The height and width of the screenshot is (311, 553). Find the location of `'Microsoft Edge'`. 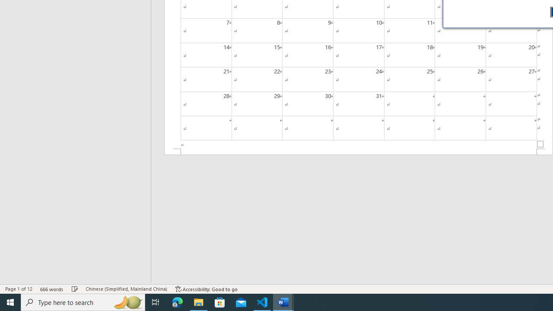

'Microsoft Edge' is located at coordinates (177, 301).